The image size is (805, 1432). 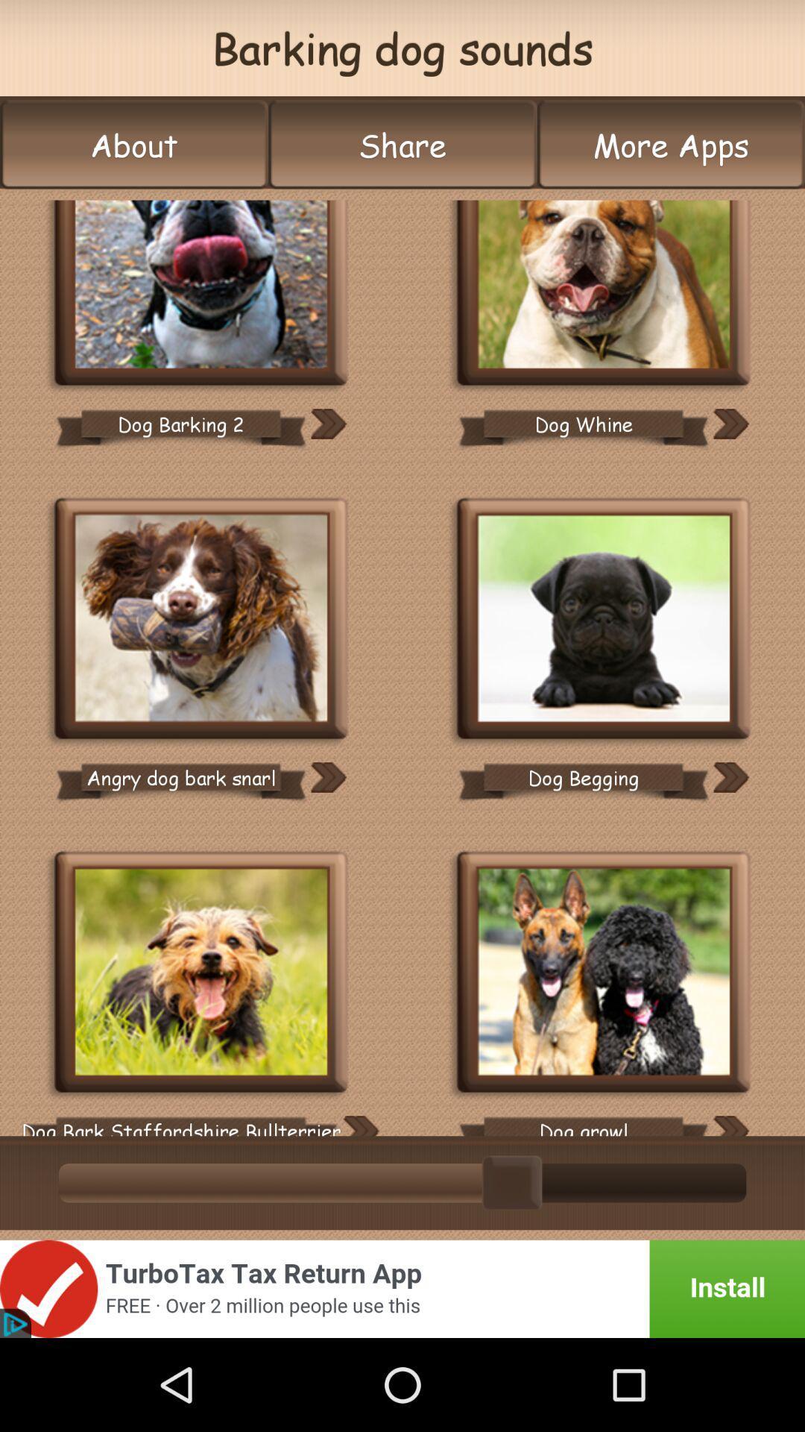 What do you see at coordinates (402, 145) in the screenshot?
I see `the icon next to about` at bounding box center [402, 145].